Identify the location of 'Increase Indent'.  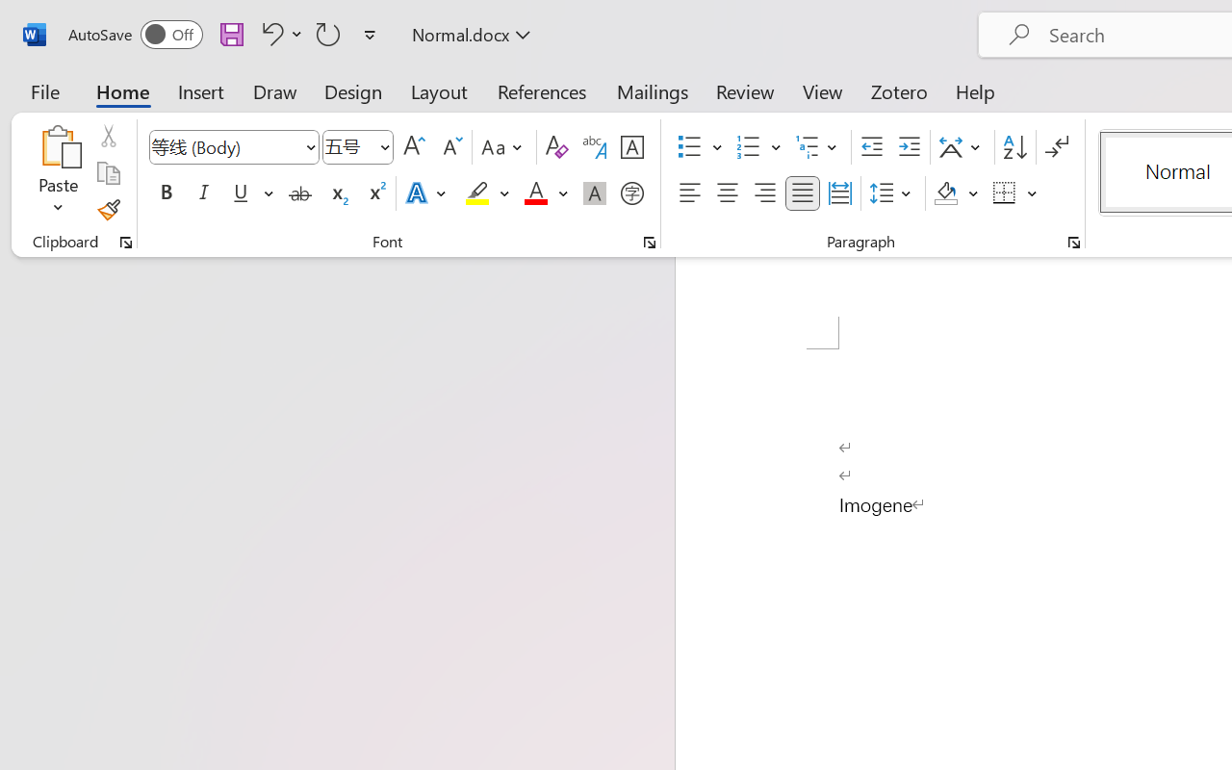
(908, 147).